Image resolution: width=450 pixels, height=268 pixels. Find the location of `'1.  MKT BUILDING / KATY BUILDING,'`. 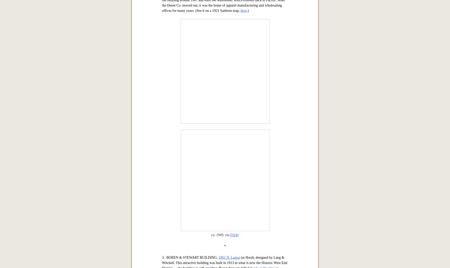

'1.  MKT BUILDING / KATY BUILDING,' is located at coordinates (192, 50).